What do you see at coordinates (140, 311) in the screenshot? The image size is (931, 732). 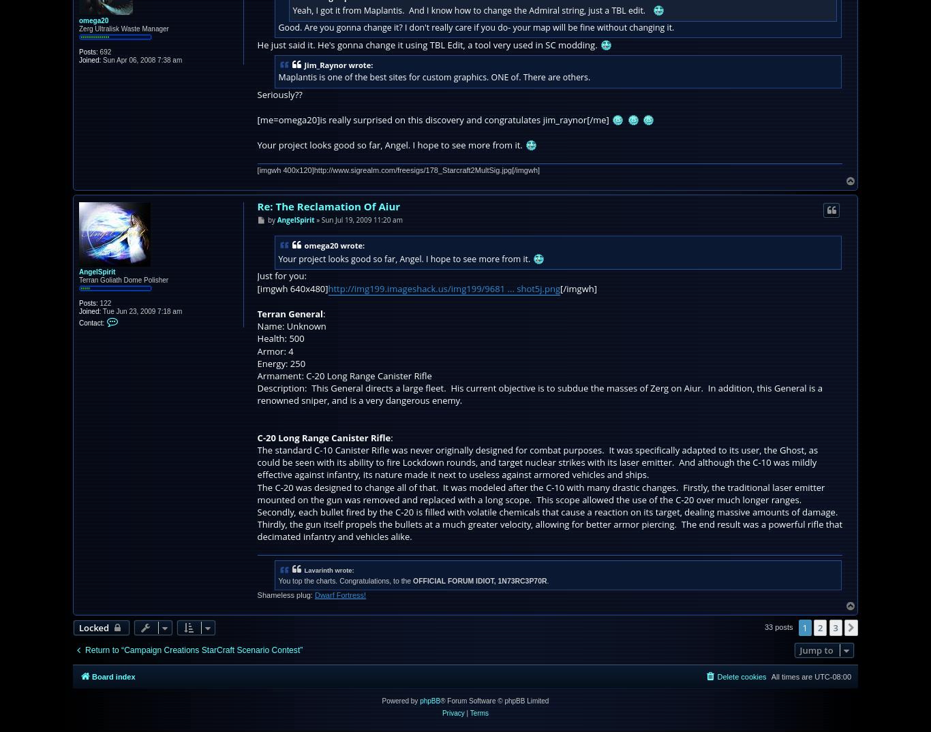 I see `'Tue Jun 23, 2009 7:18 am'` at bounding box center [140, 311].